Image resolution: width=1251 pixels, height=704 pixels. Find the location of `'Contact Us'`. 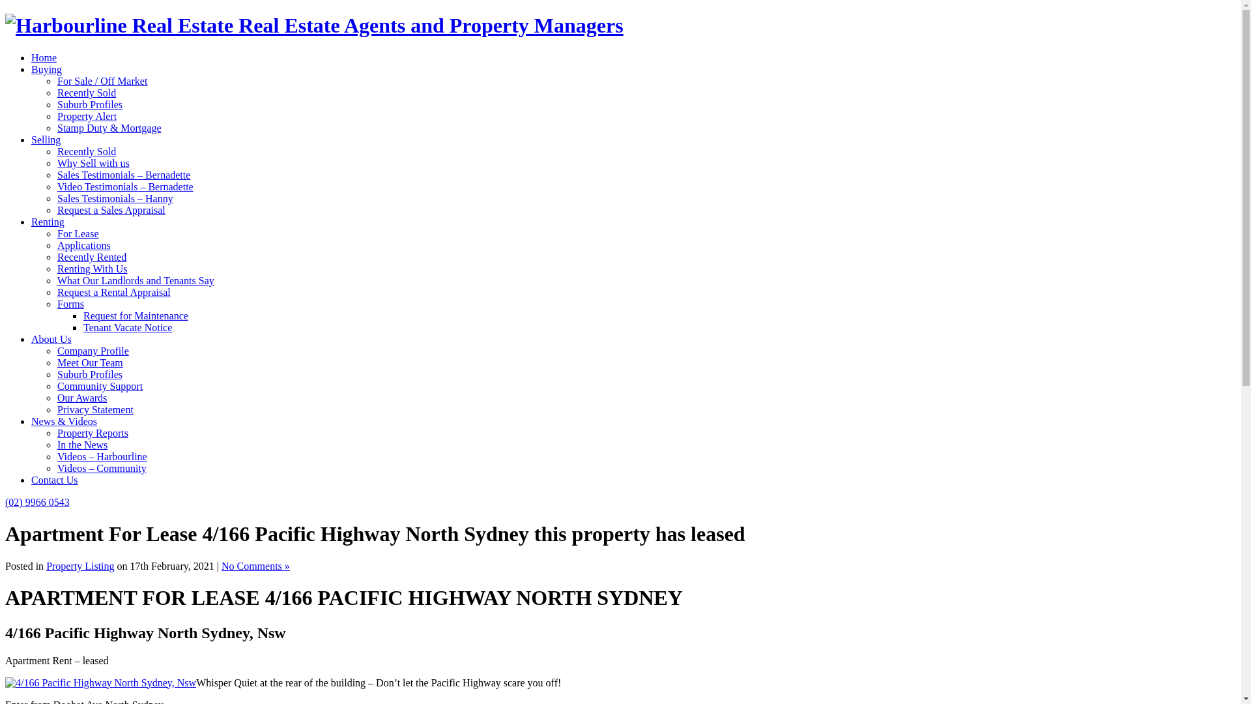

'Contact Us' is located at coordinates (53, 480).